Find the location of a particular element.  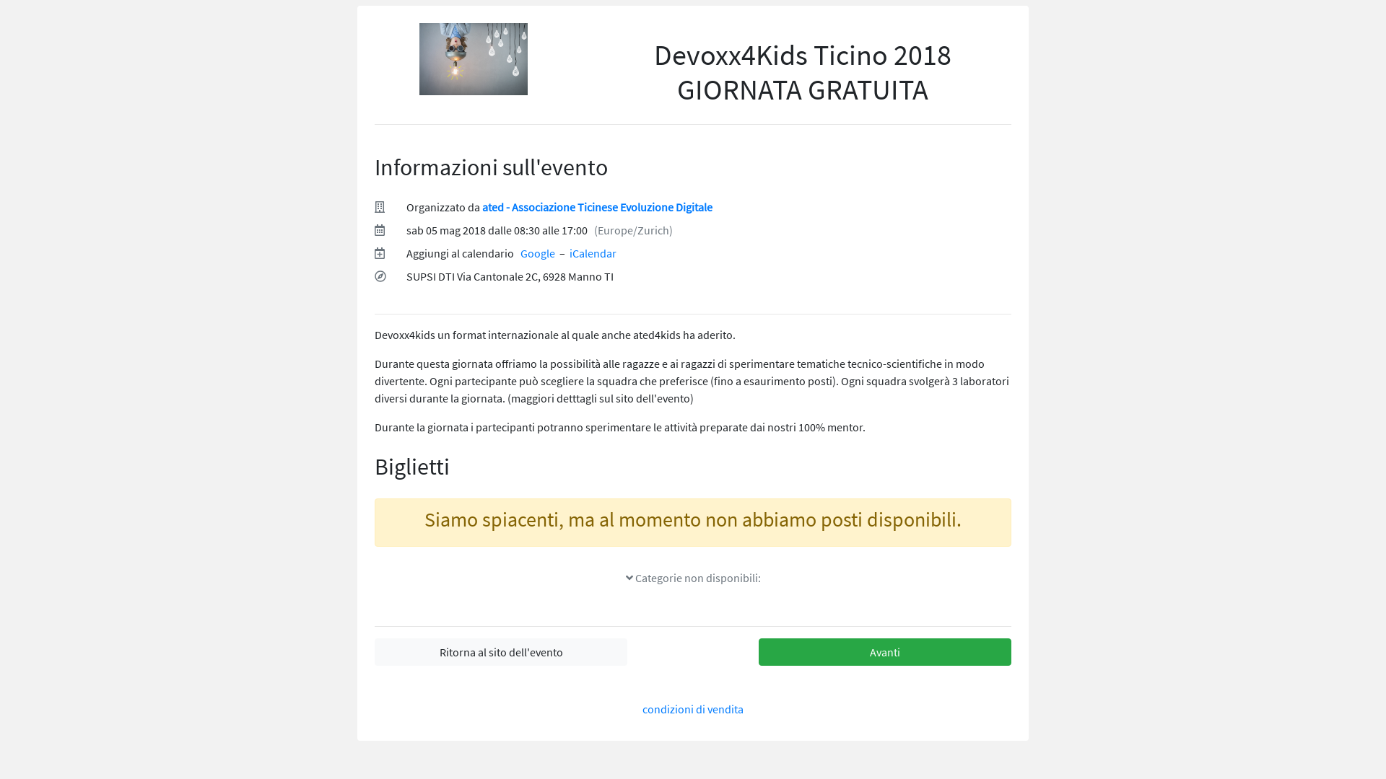

'condizioni di vendita' is located at coordinates (693, 708).